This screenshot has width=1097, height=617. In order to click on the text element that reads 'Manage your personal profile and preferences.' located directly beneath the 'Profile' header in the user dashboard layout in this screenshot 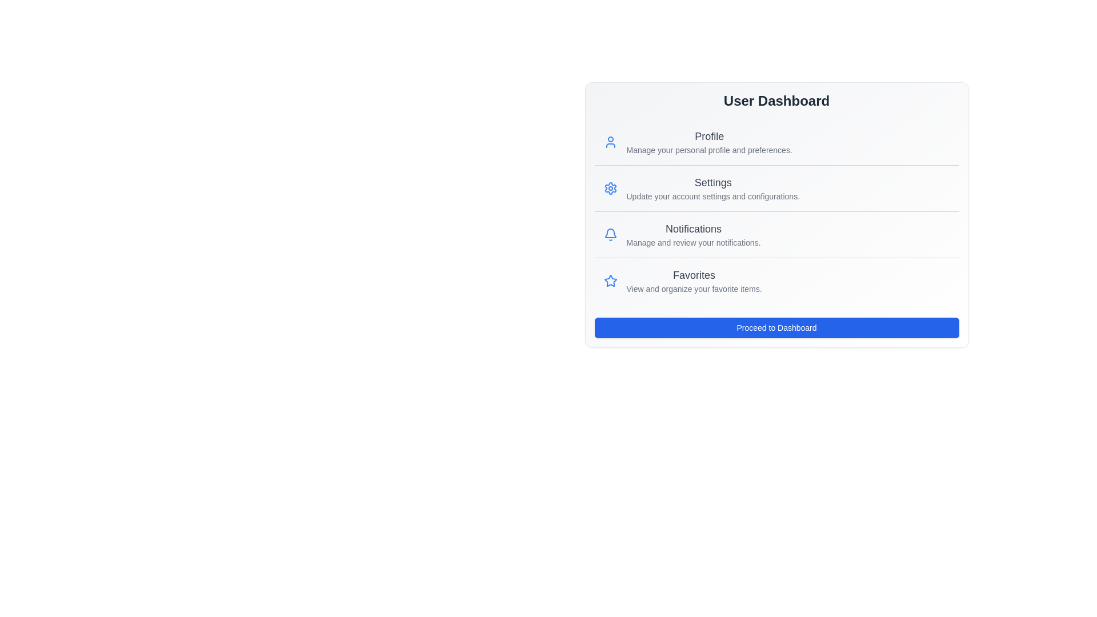, I will do `click(708, 149)`.